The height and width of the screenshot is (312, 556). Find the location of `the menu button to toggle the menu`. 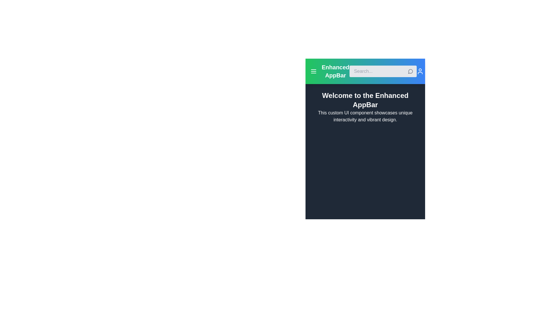

the menu button to toggle the menu is located at coordinates (313, 71).